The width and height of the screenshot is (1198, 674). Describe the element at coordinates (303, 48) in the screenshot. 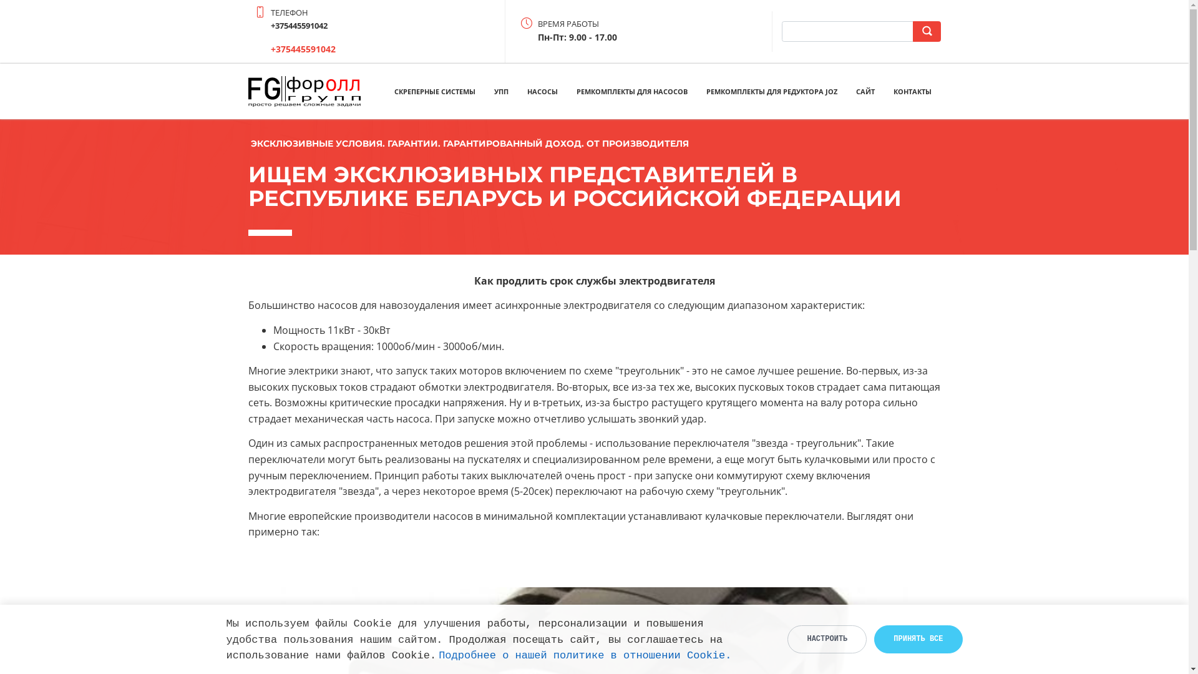

I see `'+375445591042'` at that location.